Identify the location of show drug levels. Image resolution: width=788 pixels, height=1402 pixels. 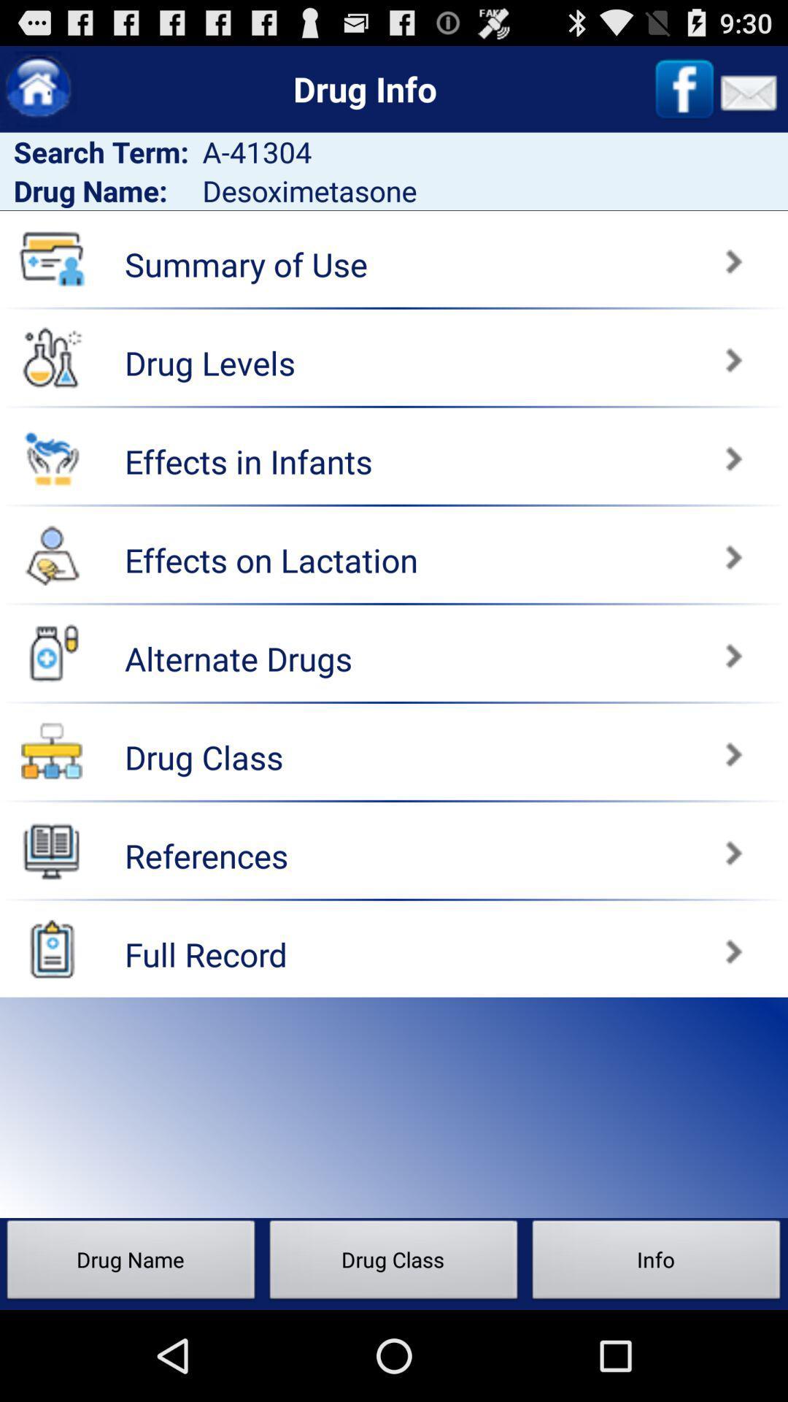
(51, 357).